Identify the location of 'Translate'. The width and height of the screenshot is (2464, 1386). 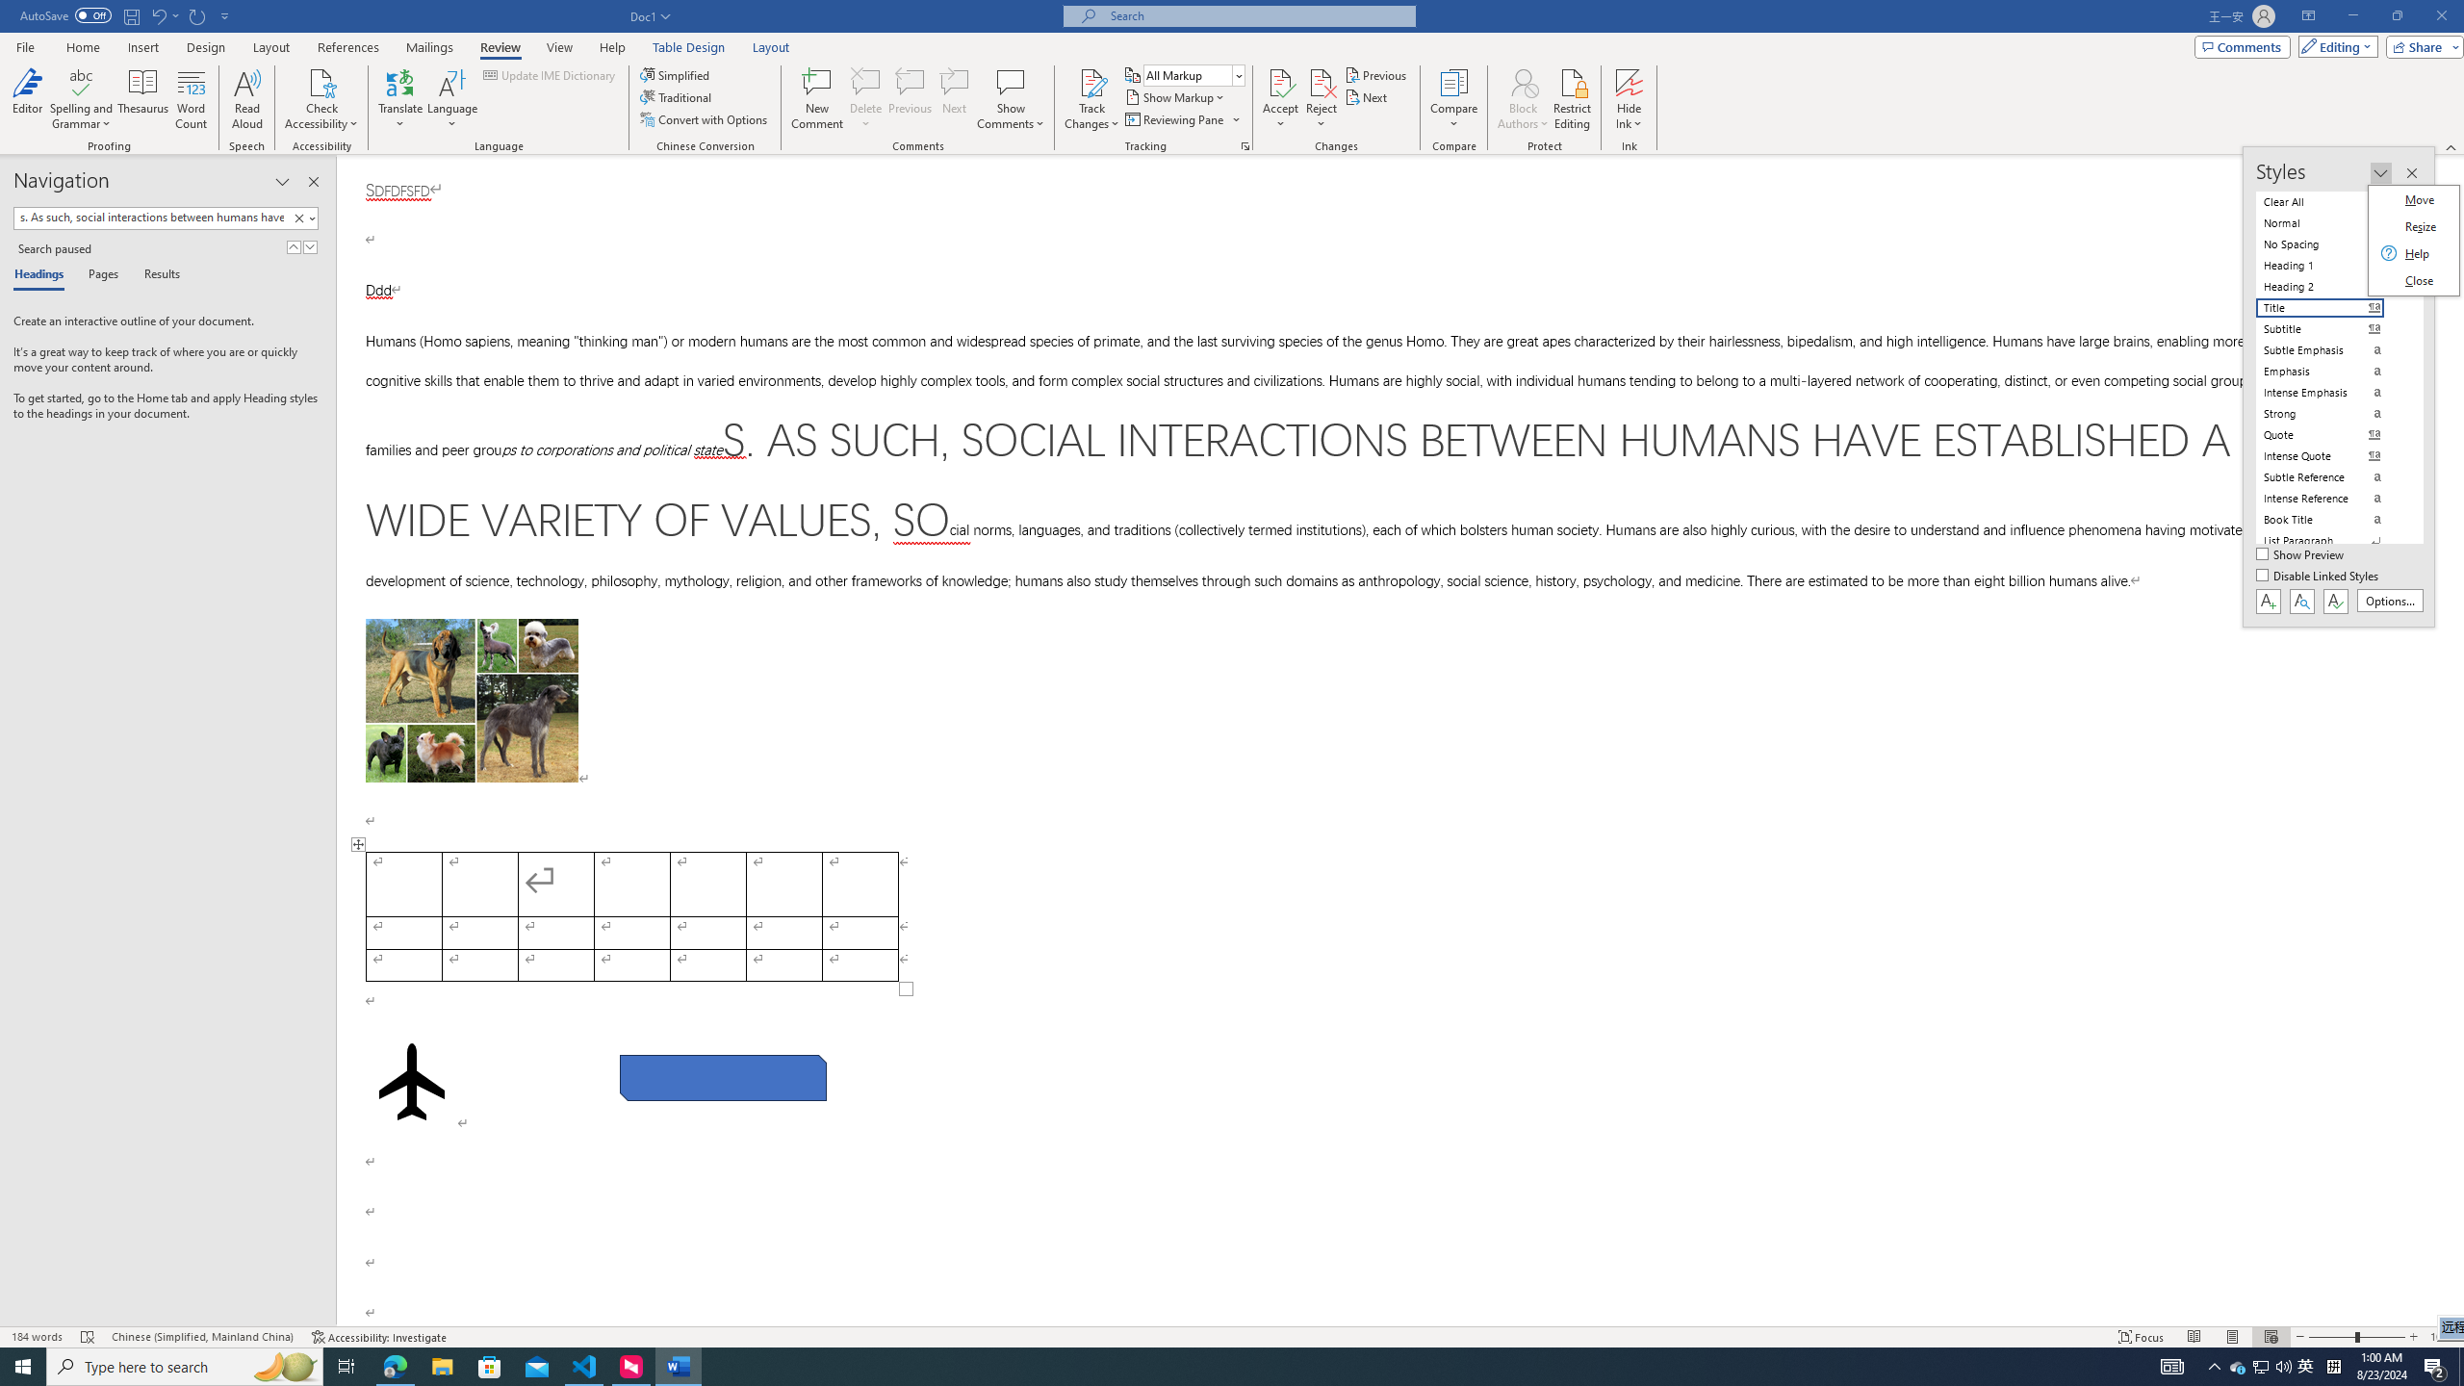
(400, 99).